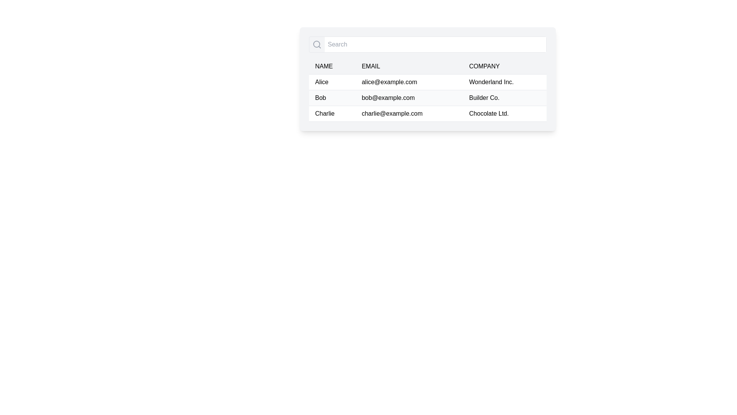  I want to click on text content of the first column header in the table, which indicates that the data under it pertains to names, so click(324, 66).